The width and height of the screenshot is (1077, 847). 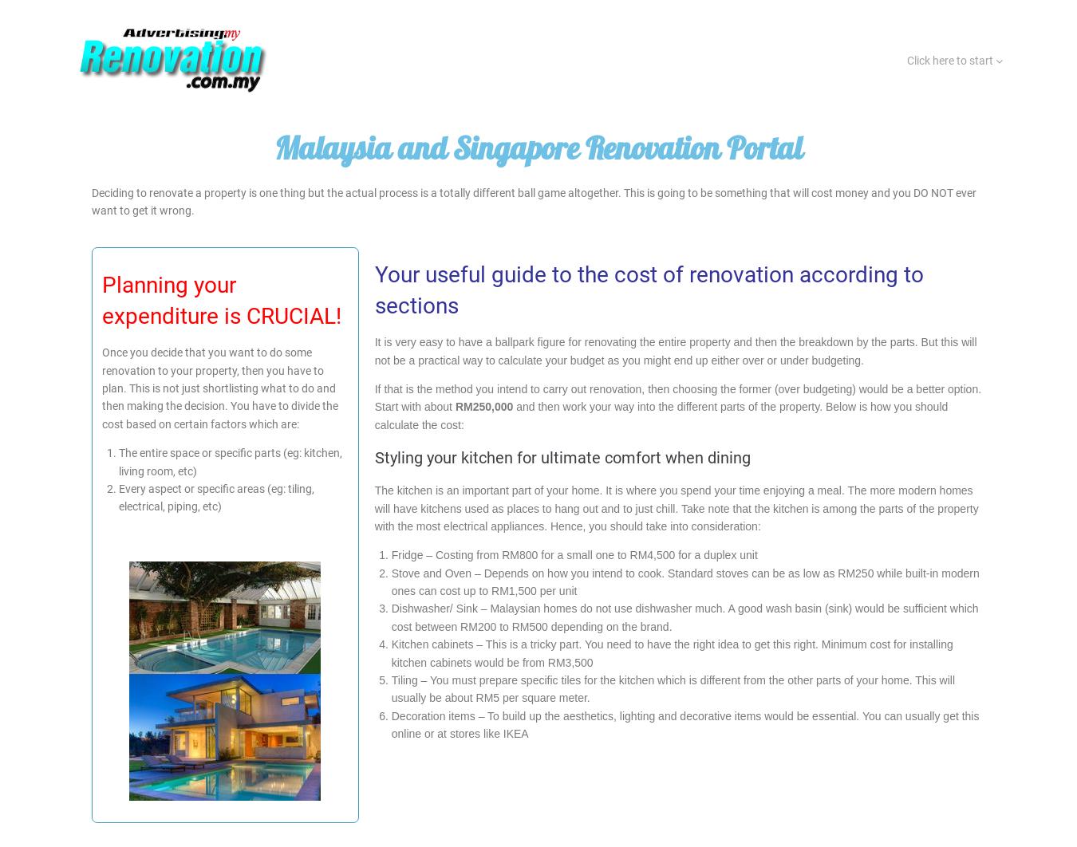 I want to click on 'Fridge – Costing from RM800 for a small one to RM4,500 for a duplex unit', so click(x=573, y=555).